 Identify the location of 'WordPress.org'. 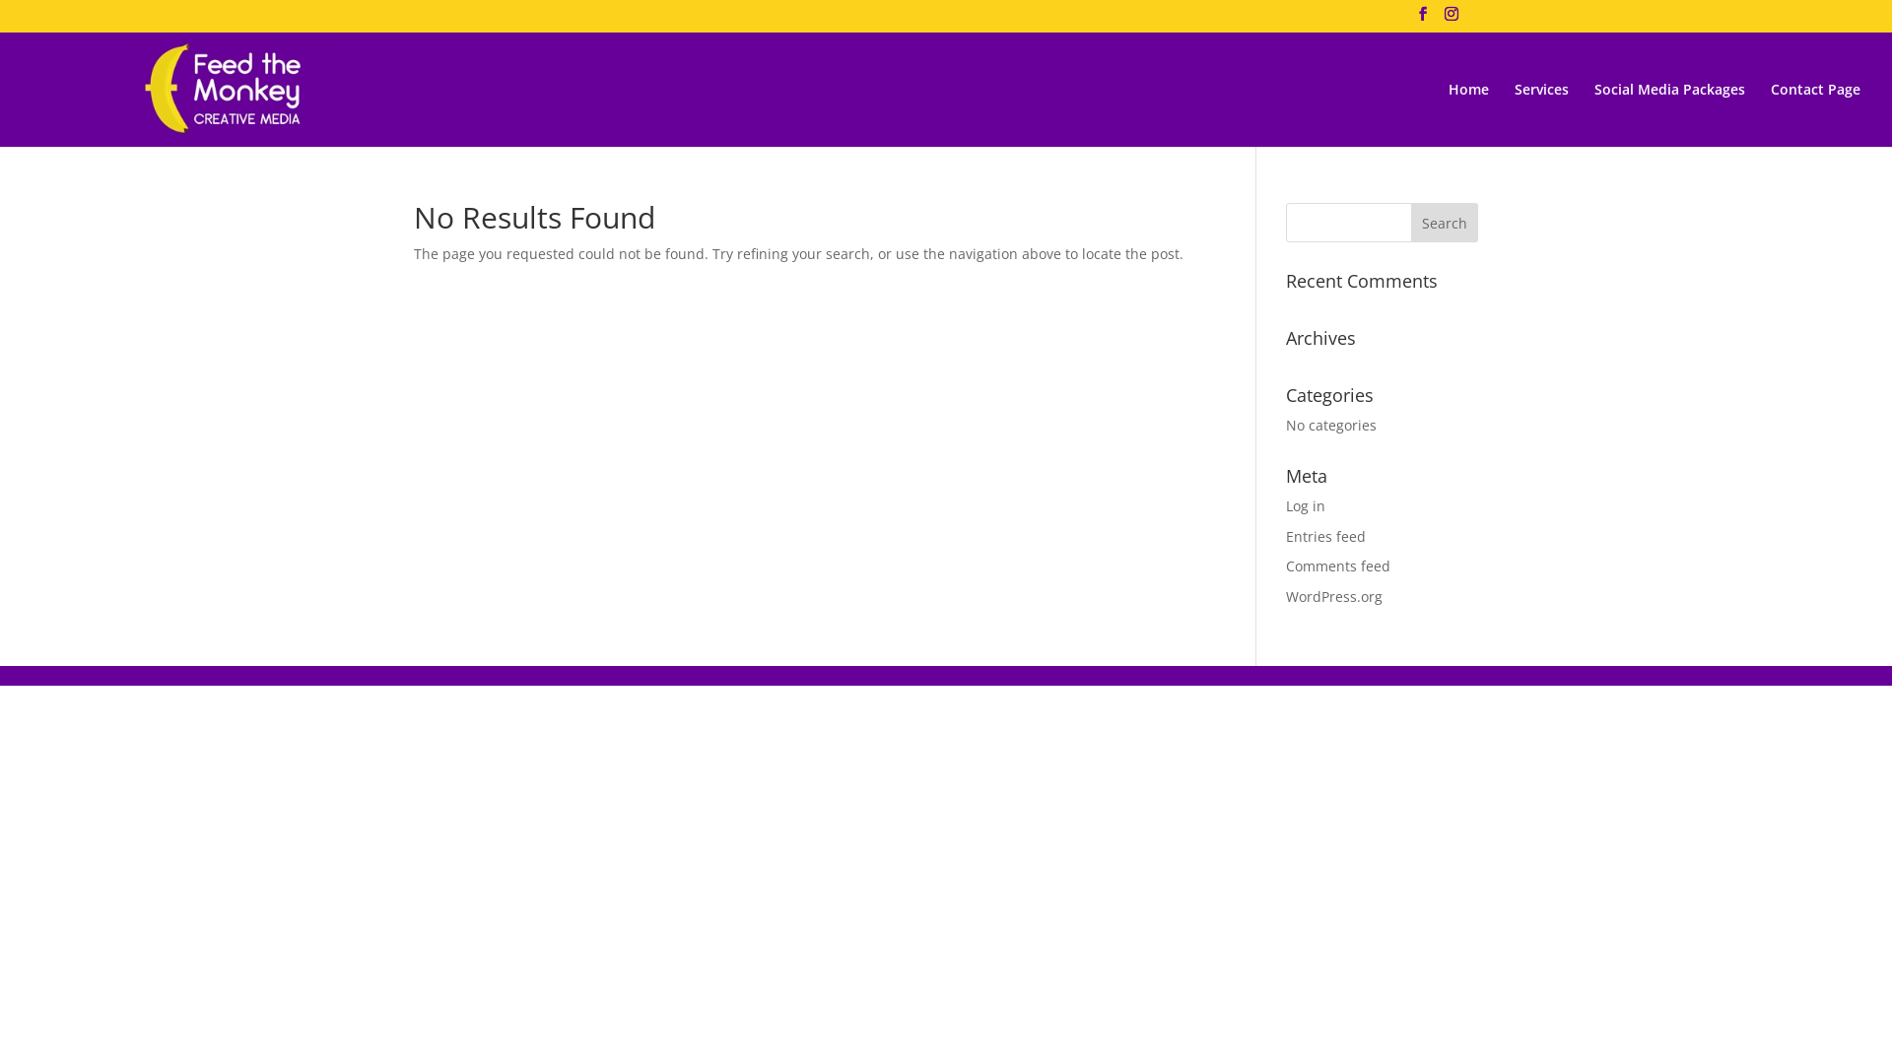
(1333, 595).